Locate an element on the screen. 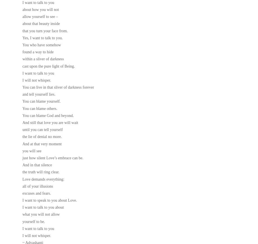 This screenshot has width=258, height=244. 'about that beauty inside' is located at coordinates (41, 23).